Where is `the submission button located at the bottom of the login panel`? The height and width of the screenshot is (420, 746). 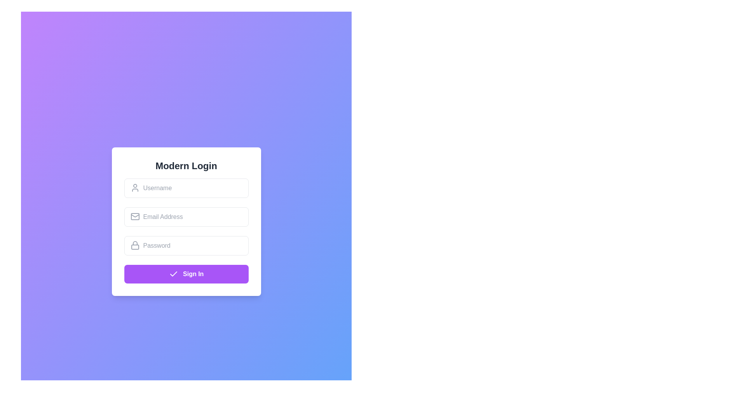
the submission button located at the bottom of the login panel is located at coordinates (186, 274).